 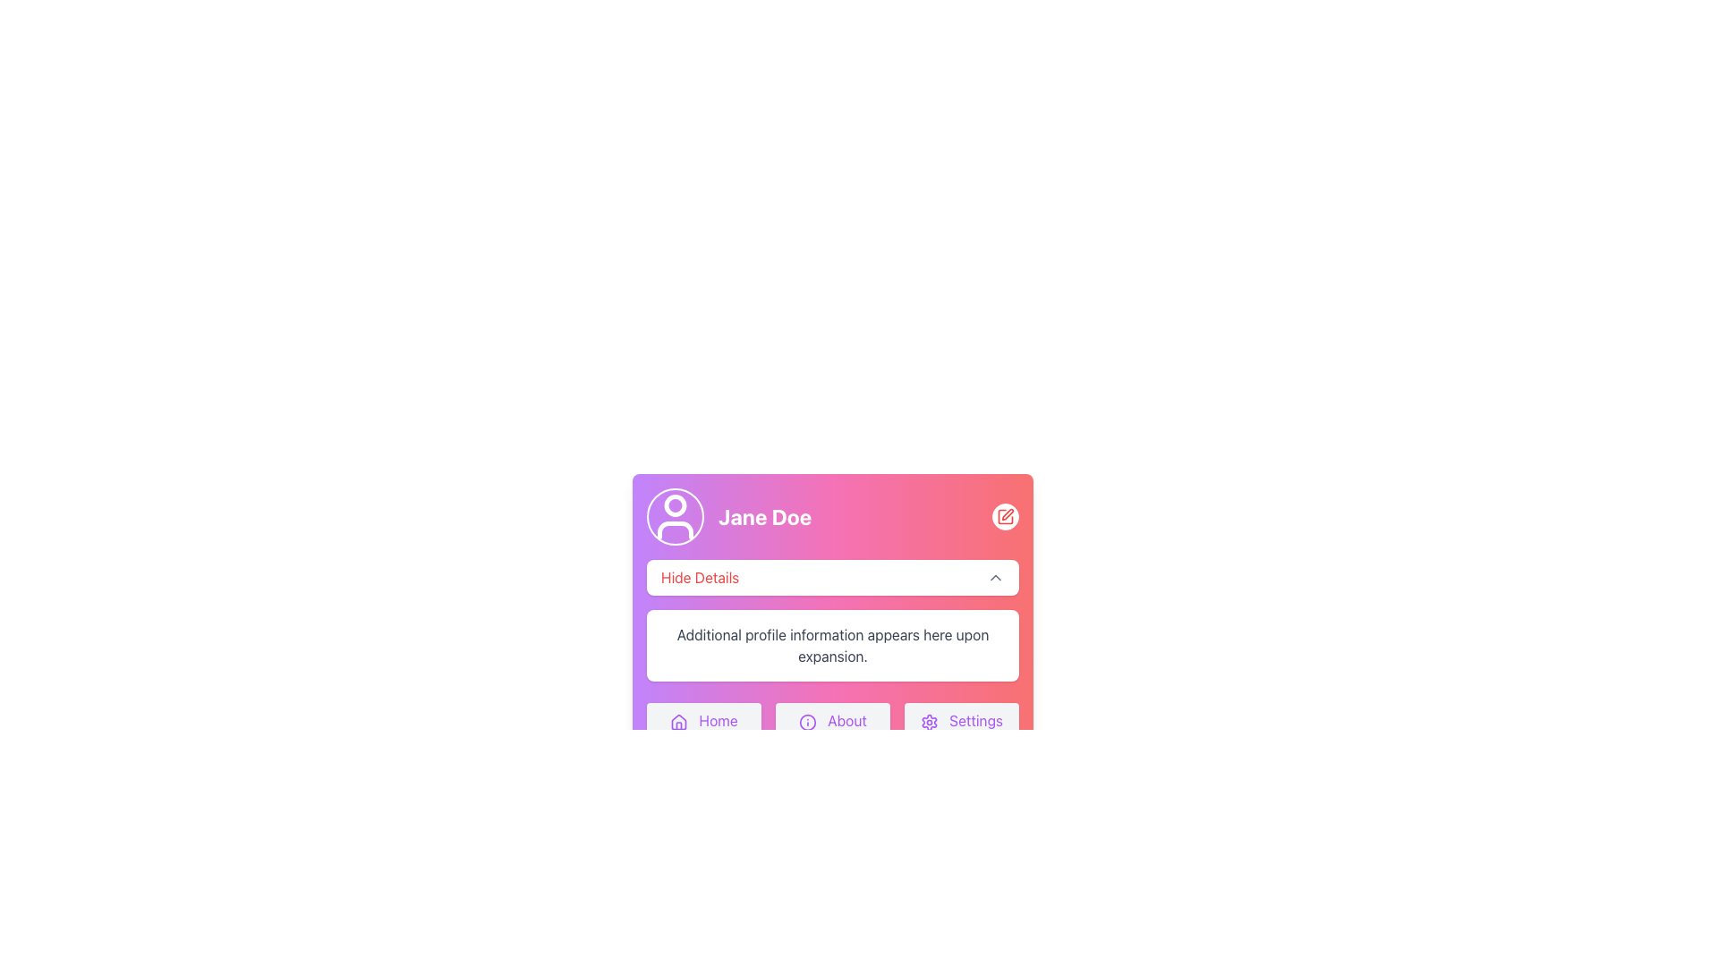 I want to click on the gear icon in the 'Settings' button located at the bottom right corner of the profile card, so click(x=929, y=721).